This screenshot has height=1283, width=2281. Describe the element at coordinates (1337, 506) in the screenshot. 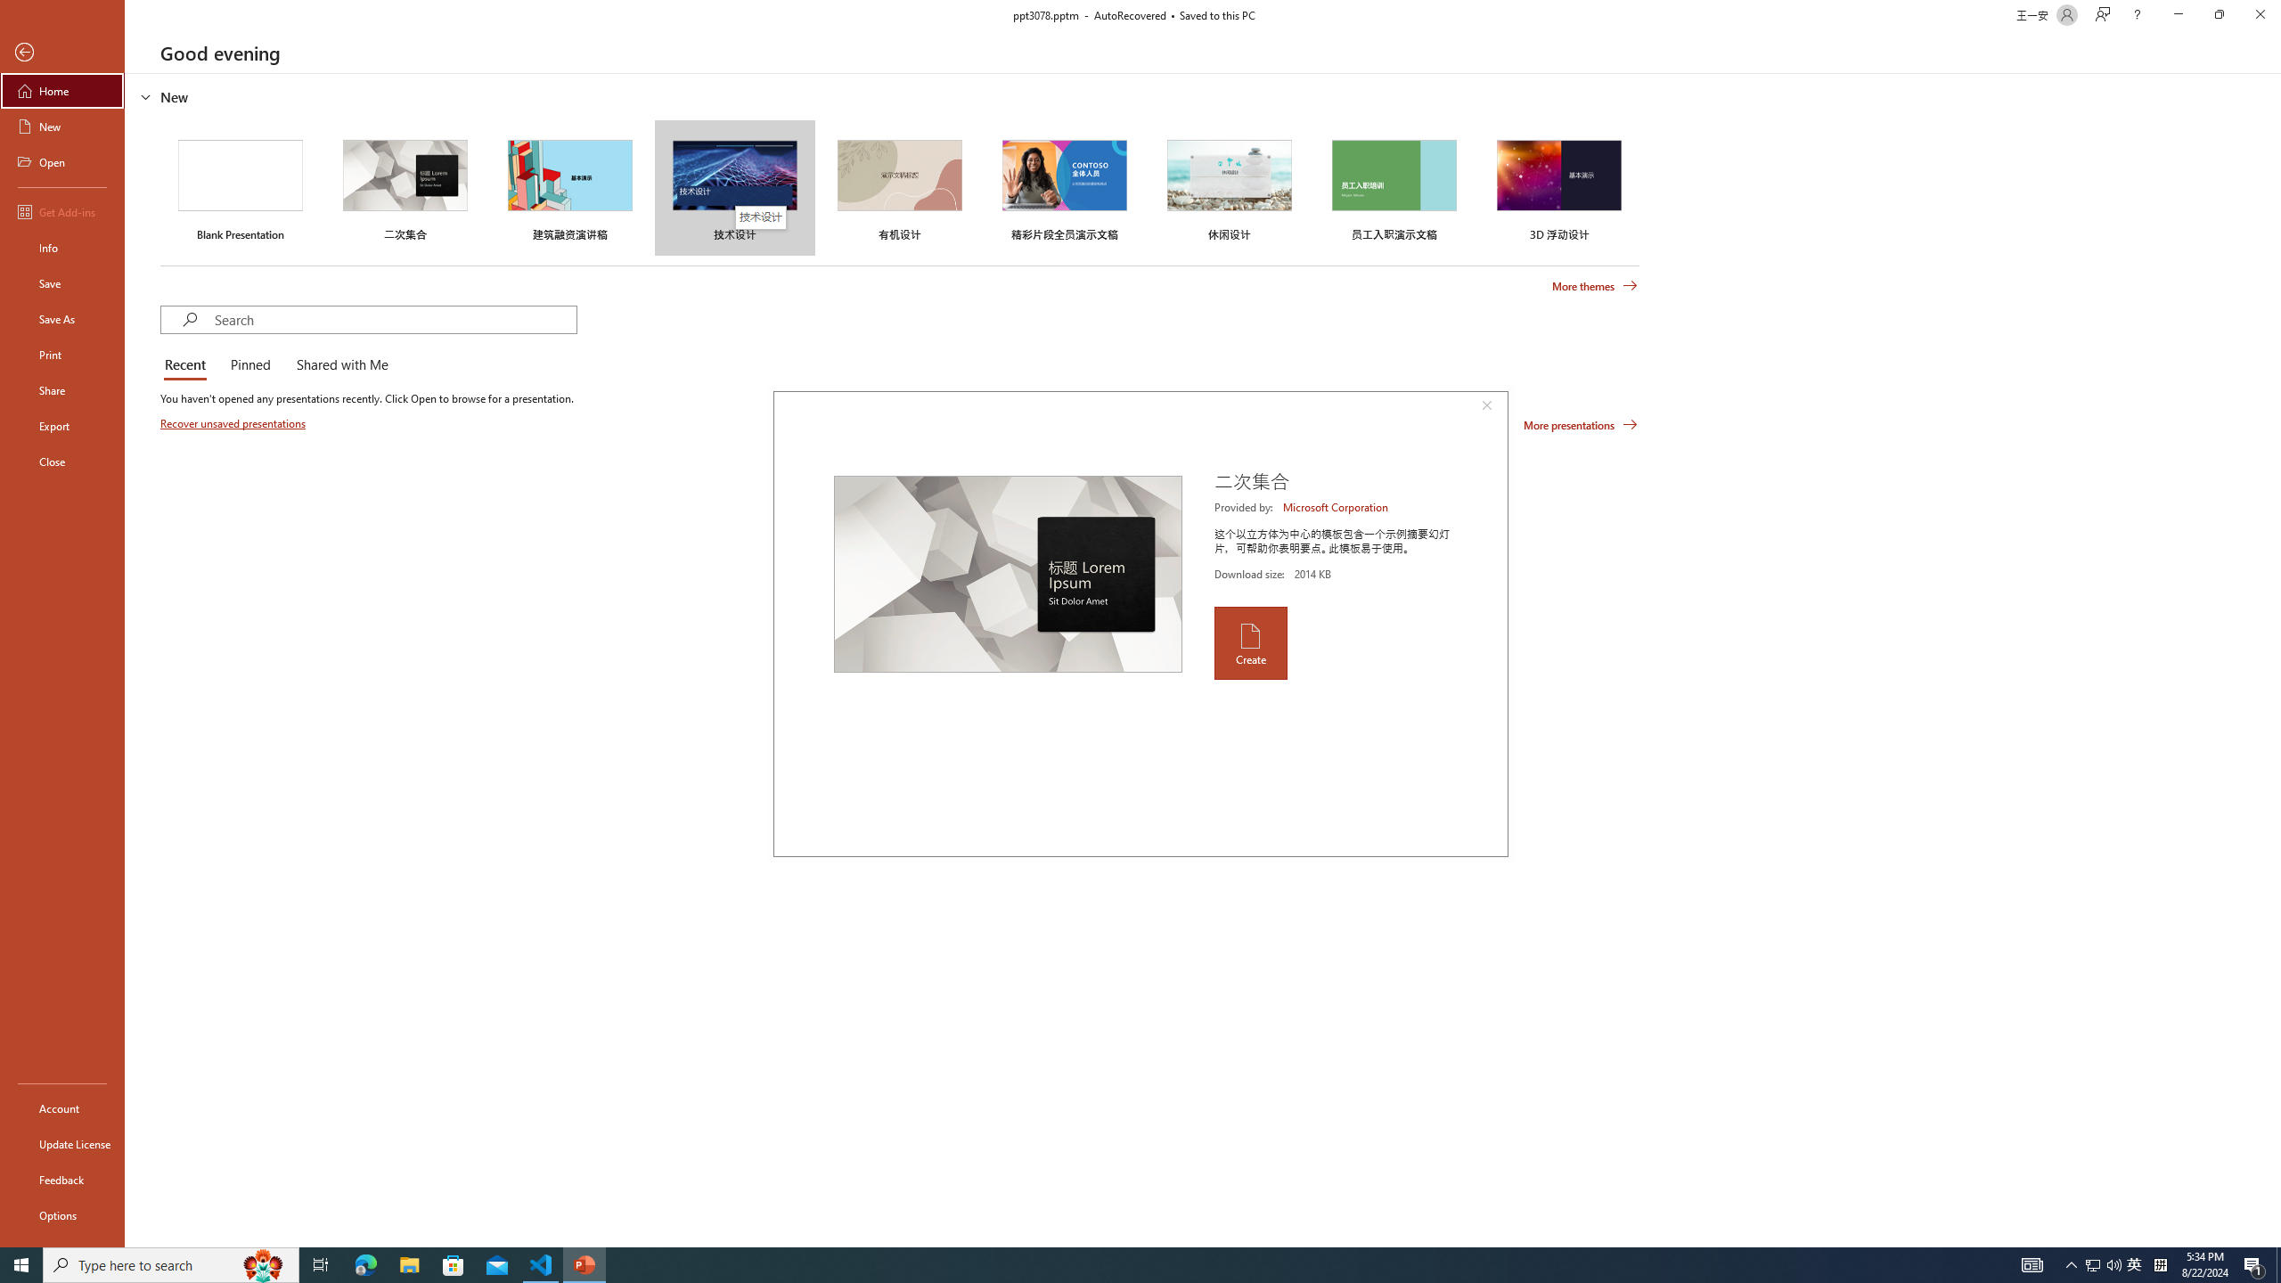

I see `'Microsoft Corporation'` at that location.